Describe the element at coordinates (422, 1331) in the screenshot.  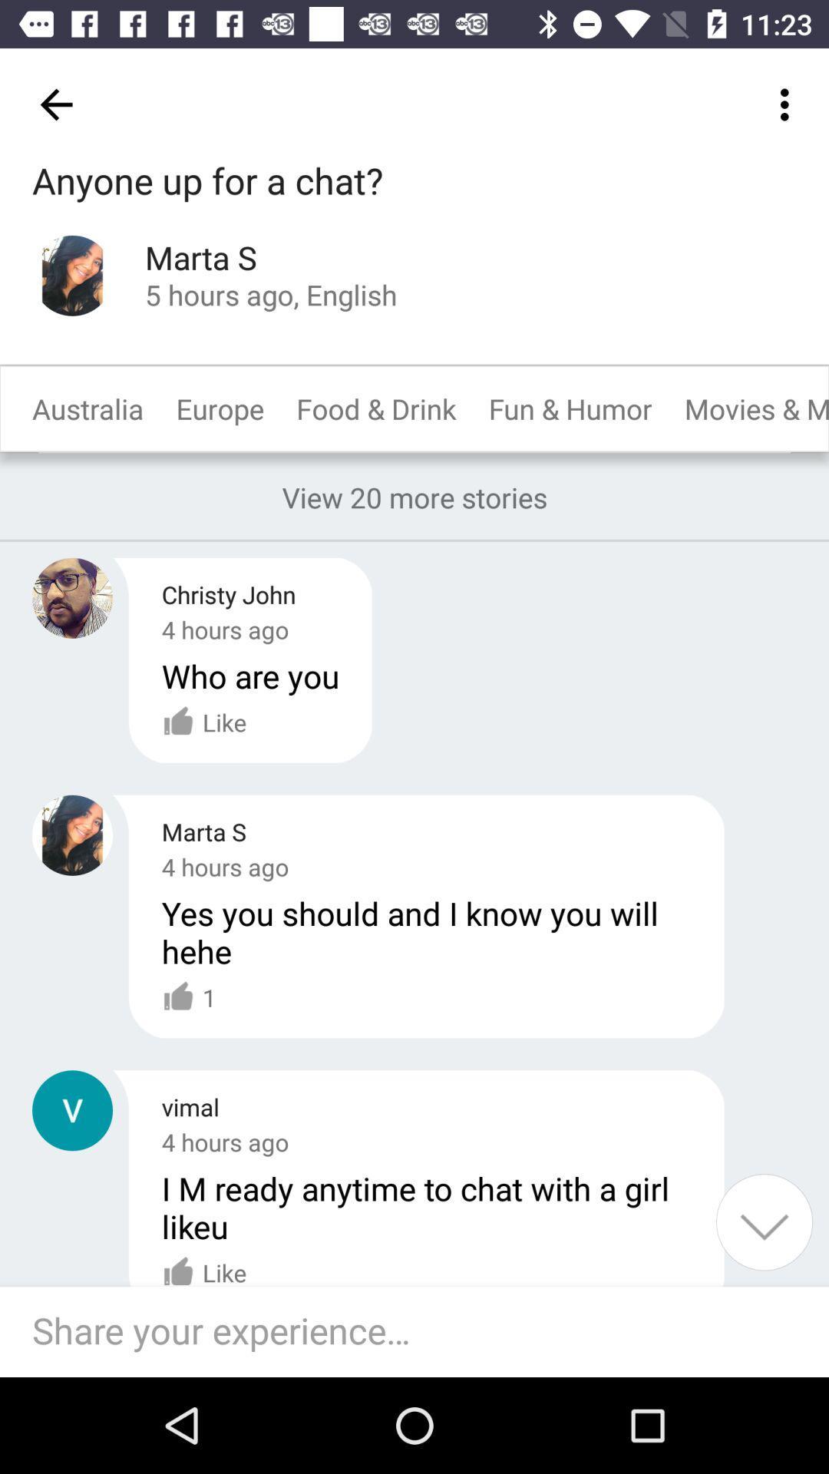
I see `share your experience` at that location.